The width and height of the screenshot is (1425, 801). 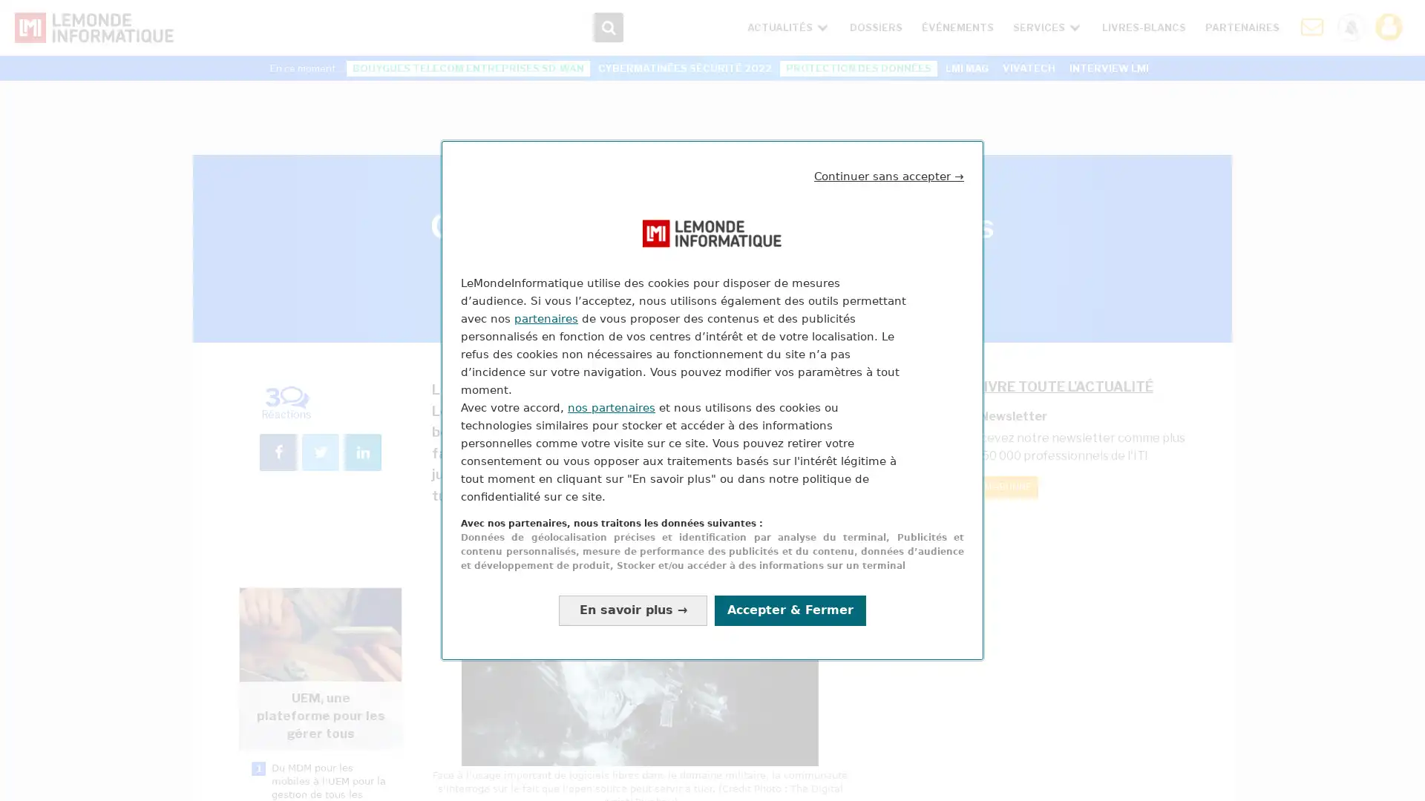 I want to click on Configurer vos consentements, so click(x=633, y=610).